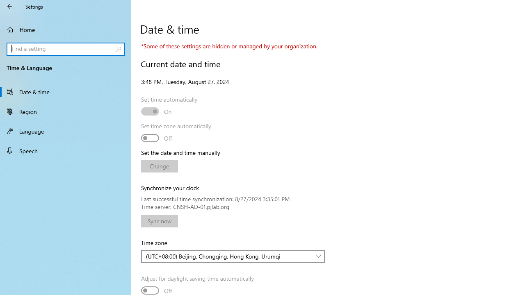 The height and width of the screenshot is (295, 525). What do you see at coordinates (66, 111) in the screenshot?
I see `'Region'` at bounding box center [66, 111].